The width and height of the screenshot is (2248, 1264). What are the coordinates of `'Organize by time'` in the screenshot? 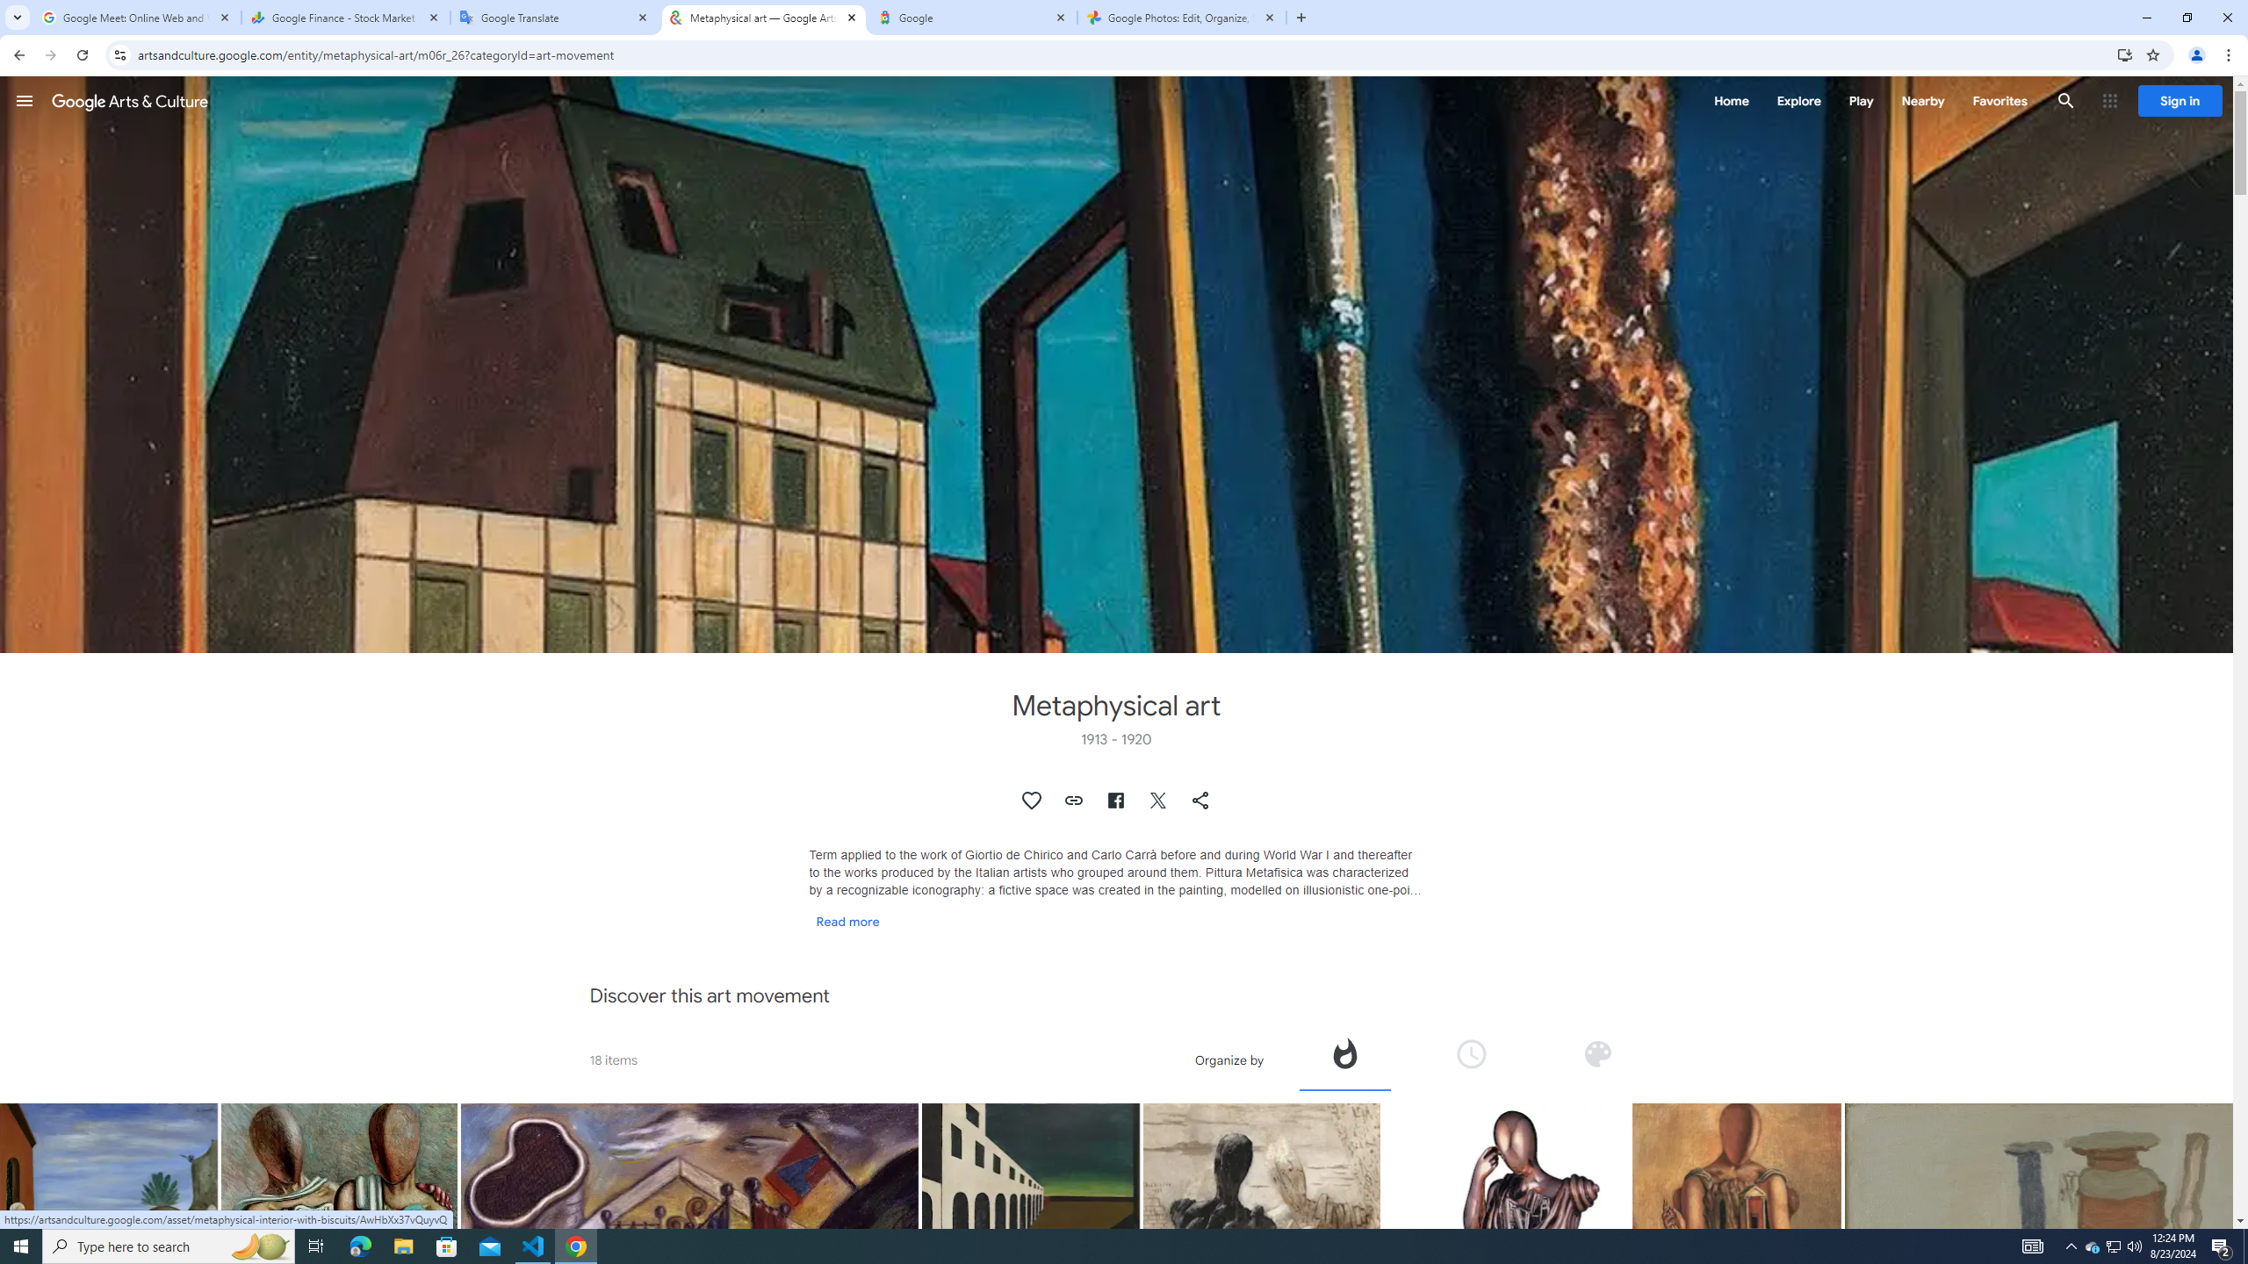 It's located at (1471, 1059).